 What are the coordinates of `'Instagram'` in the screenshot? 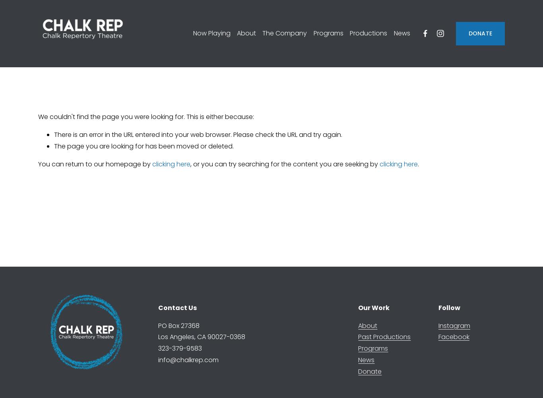 It's located at (454, 325).